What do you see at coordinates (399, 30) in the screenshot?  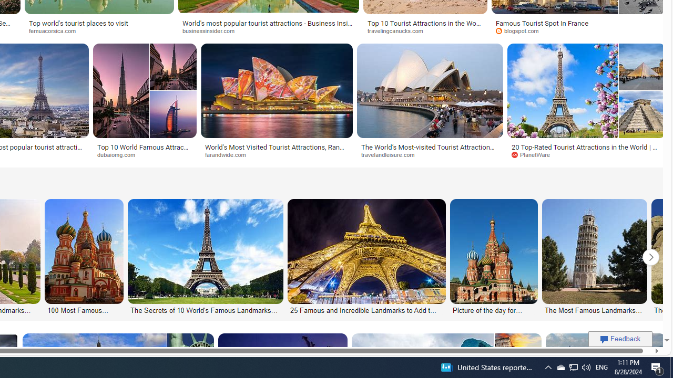 I see `'travelingcanucks.com'` at bounding box center [399, 30].